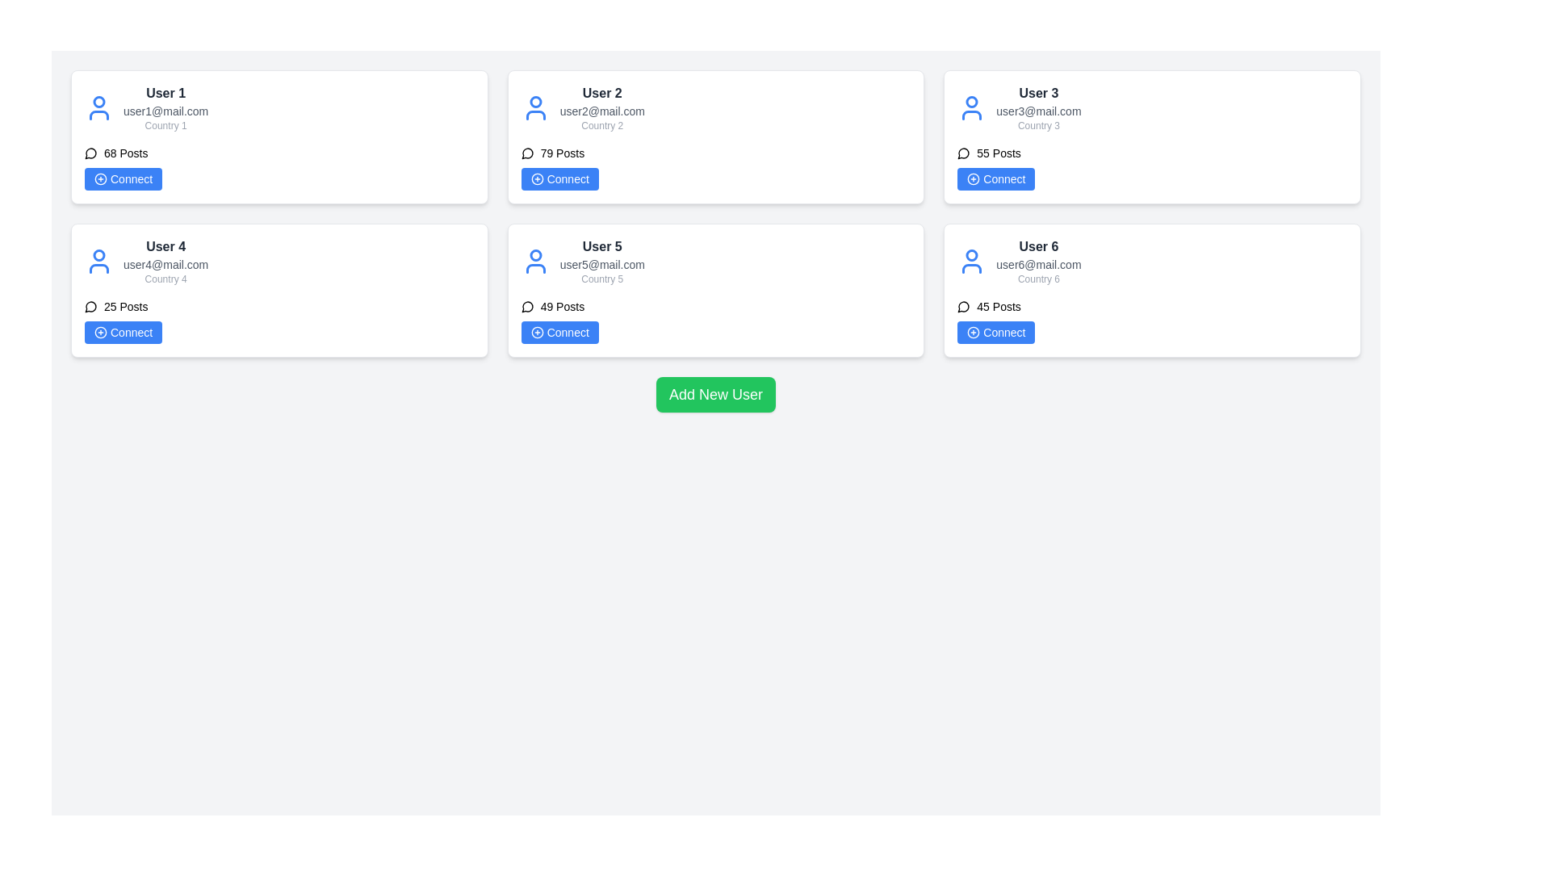  What do you see at coordinates (165, 111) in the screenshot?
I see `the text element displaying 'user1@mail.com', which is styled in a small gray font and positioned between 'User 1' and 'Country 1' within the top-left card of the grid layout` at bounding box center [165, 111].